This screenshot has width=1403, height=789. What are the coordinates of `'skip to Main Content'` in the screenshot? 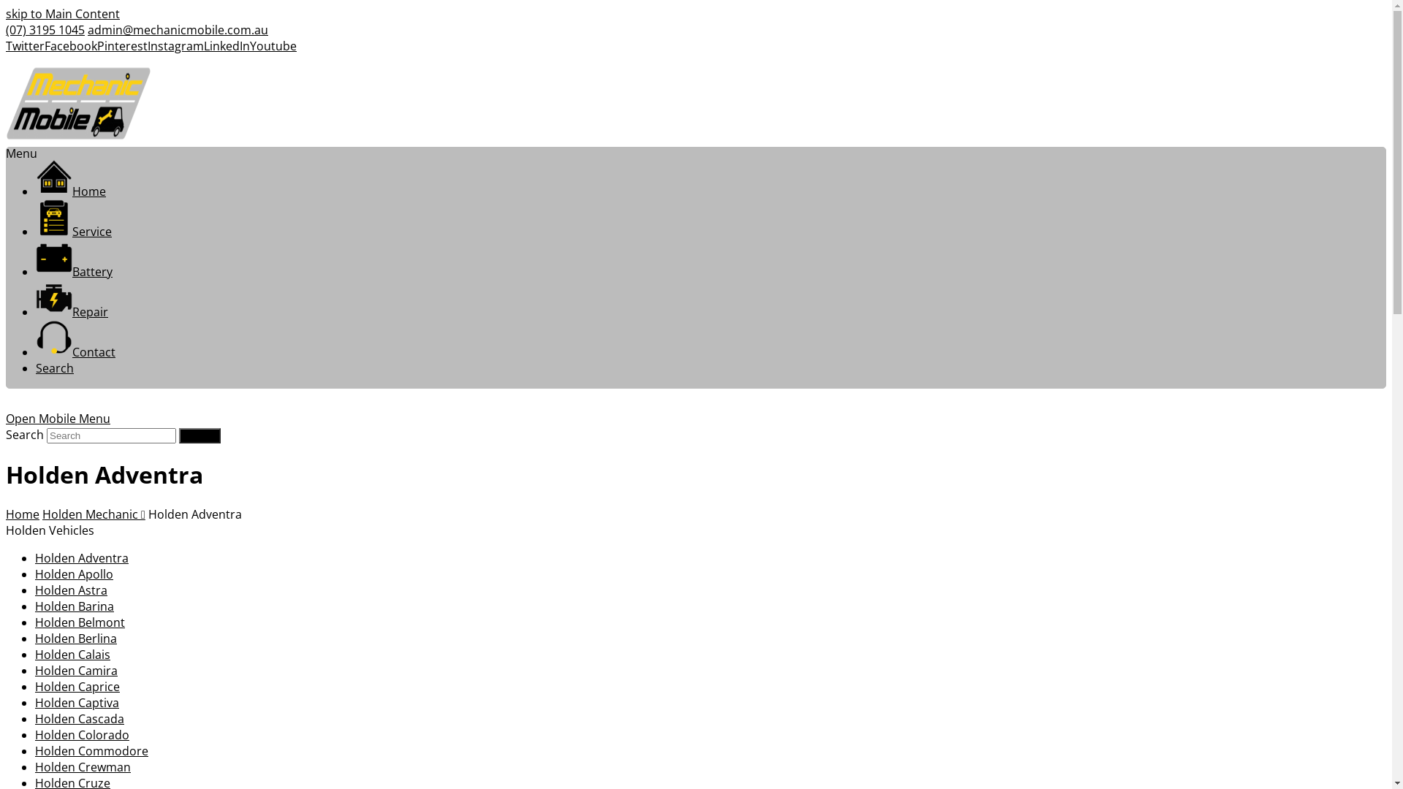 It's located at (62, 14).